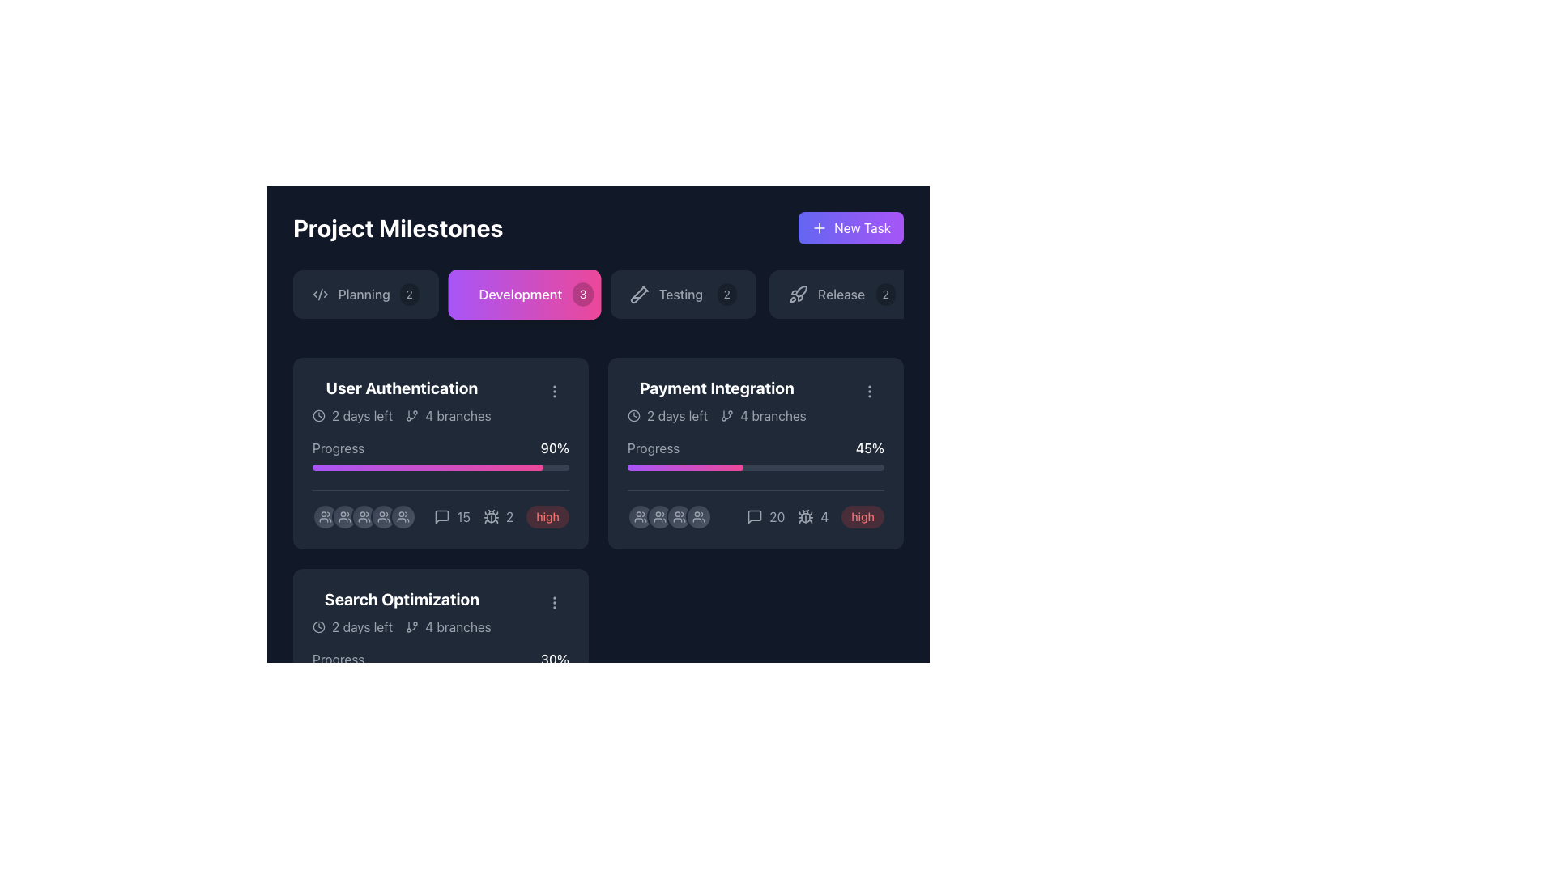 This screenshot has width=1555, height=874. Describe the element at coordinates (801, 291) in the screenshot. I see `the rocket-shaped icon with a stroke outline located next to the text 'Release'` at that location.